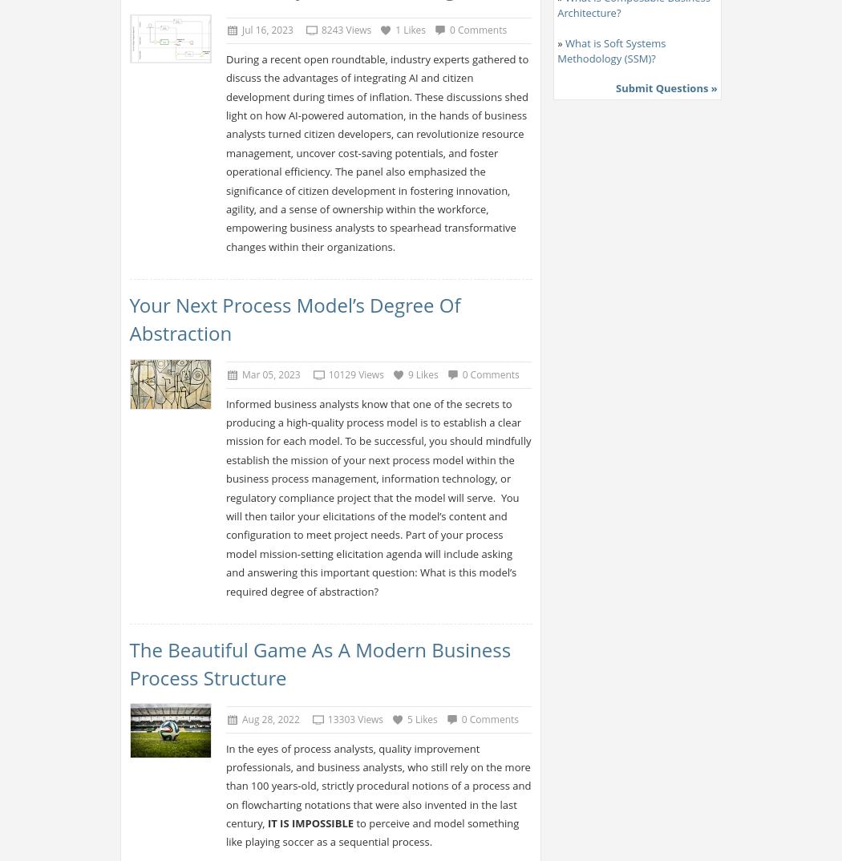 This screenshot has height=861, width=842. What do you see at coordinates (293, 317) in the screenshot?
I see `'Your Next Process Model’s Degree of Abstraction'` at bounding box center [293, 317].